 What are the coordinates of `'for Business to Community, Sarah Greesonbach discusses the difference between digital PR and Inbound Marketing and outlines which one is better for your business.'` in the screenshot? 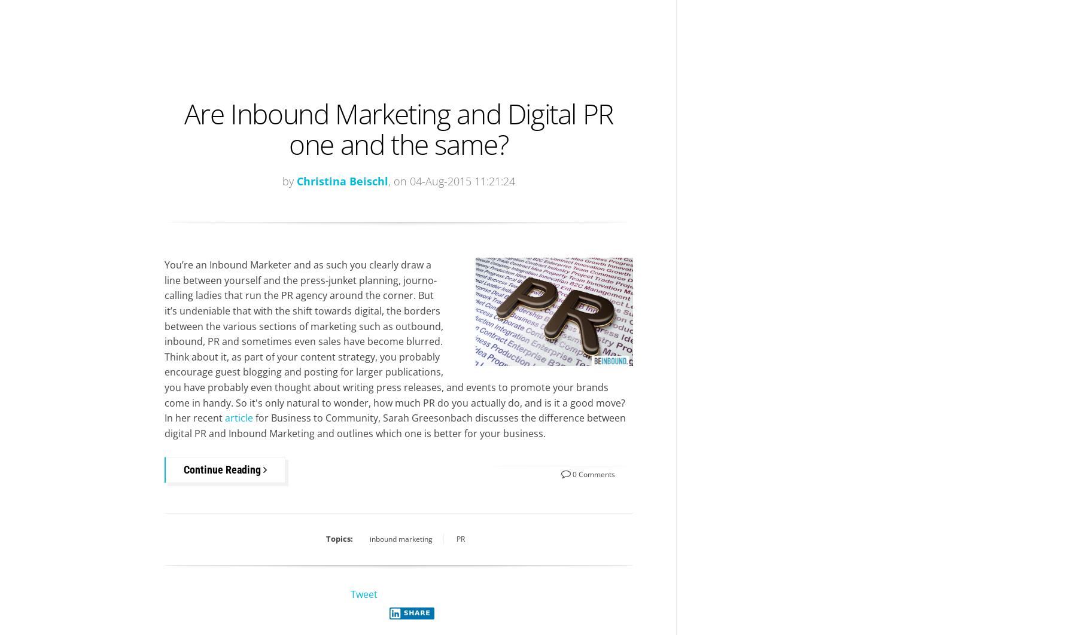 It's located at (395, 425).